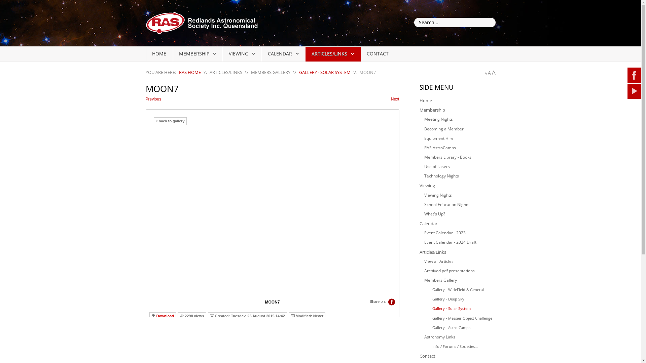  What do you see at coordinates (298, 72) in the screenshot?
I see `'GALLERY - SOLAR SYSTEM'` at bounding box center [298, 72].